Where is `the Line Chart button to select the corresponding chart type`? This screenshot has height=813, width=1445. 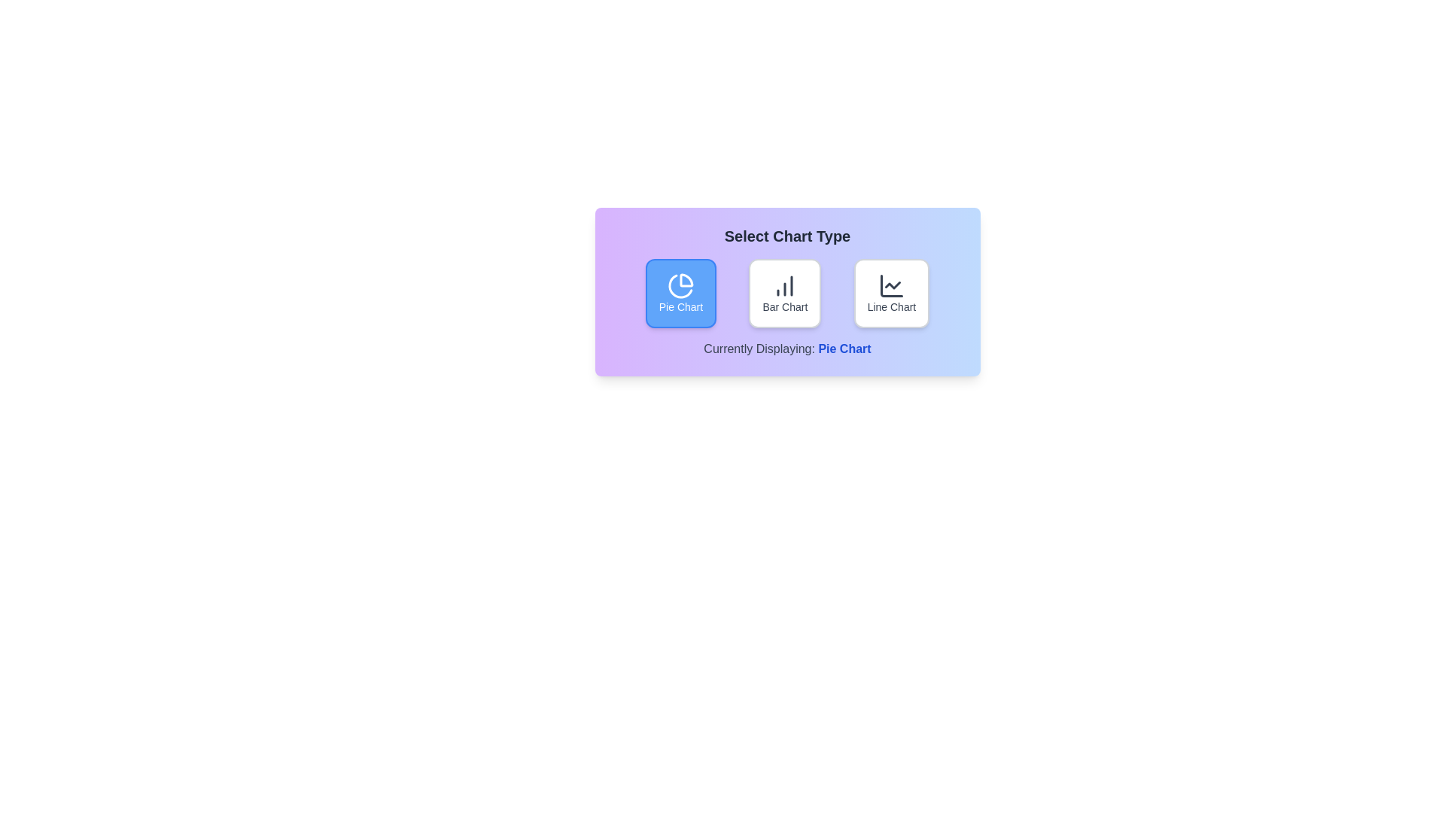
the Line Chart button to select the corresponding chart type is located at coordinates (891, 293).